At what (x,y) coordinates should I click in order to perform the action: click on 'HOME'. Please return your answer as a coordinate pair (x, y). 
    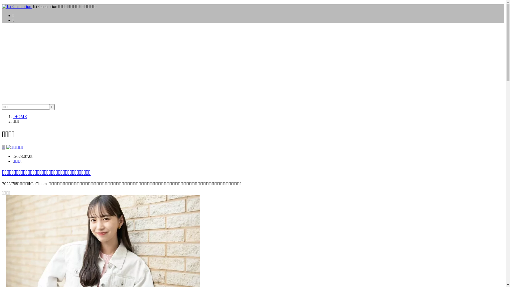
    Looking at the image, I should click on (13, 116).